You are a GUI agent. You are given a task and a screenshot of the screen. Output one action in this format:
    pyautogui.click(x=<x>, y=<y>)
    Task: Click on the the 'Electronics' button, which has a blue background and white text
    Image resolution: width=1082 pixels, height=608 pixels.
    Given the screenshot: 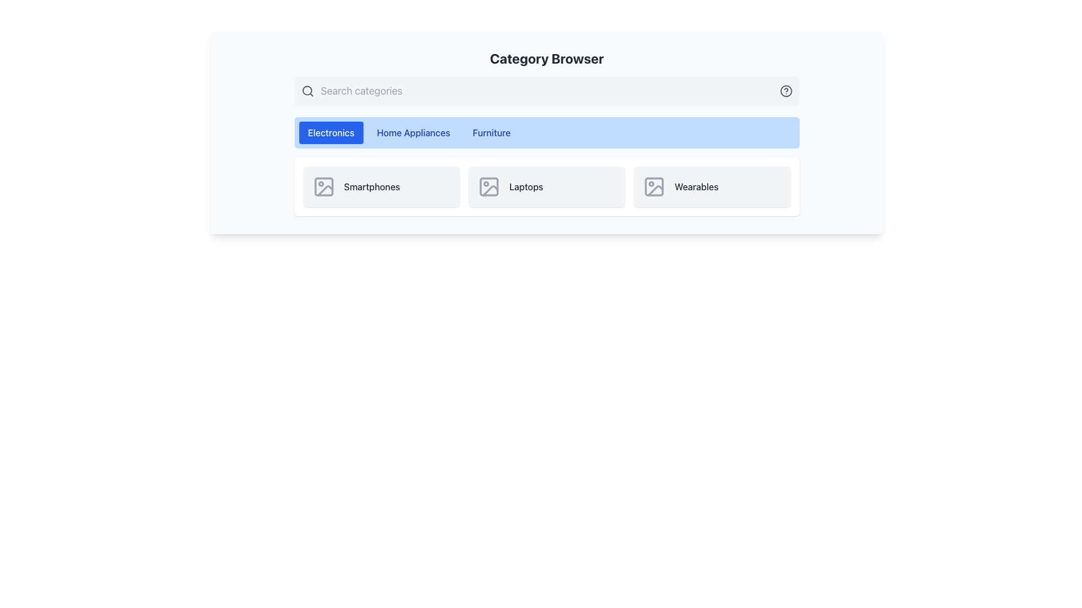 What is the action you would take?
    pyautogui.click(x=330, y=132)
    